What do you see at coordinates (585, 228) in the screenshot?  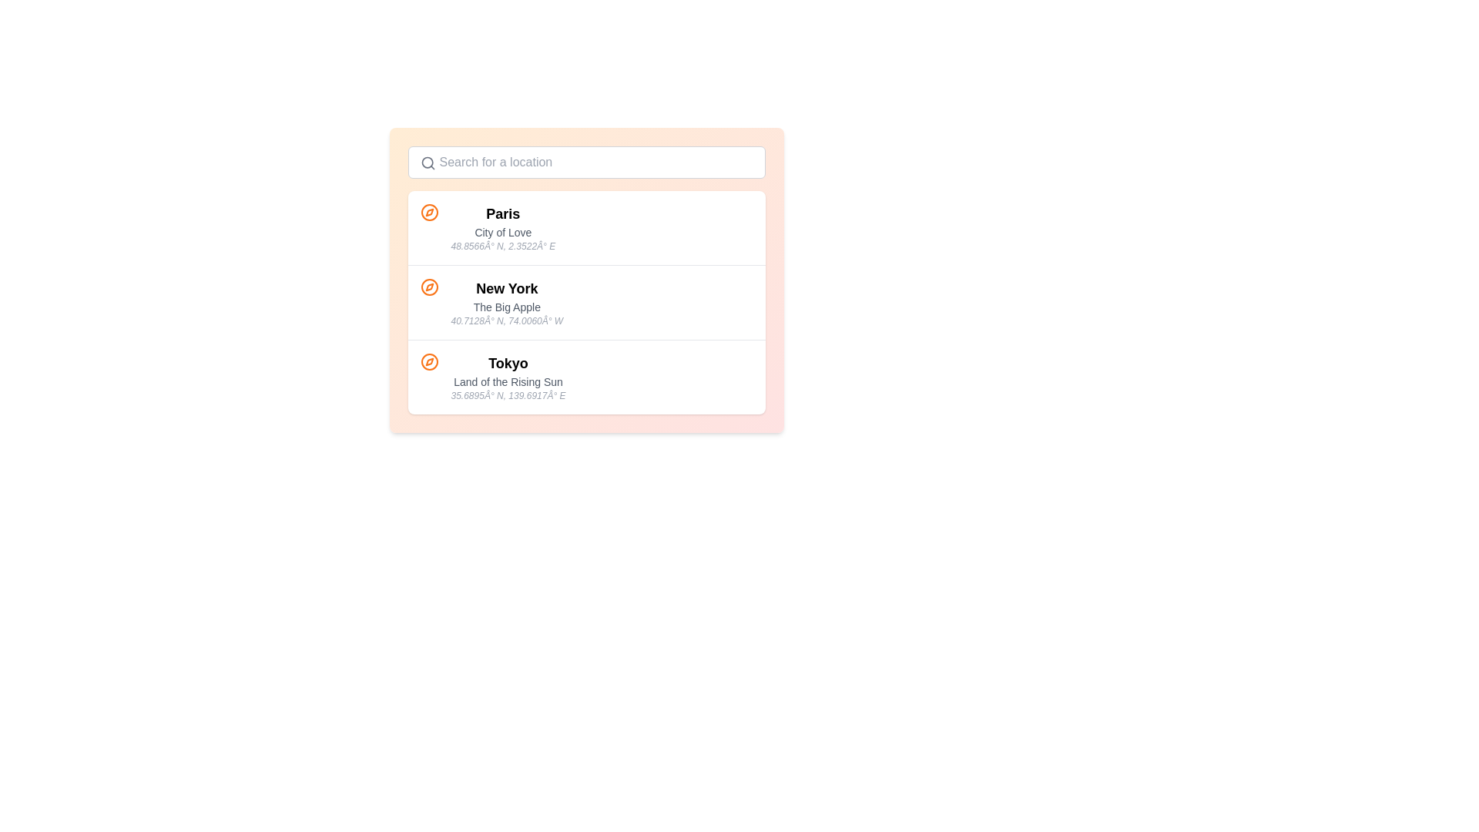 I see `the first list item displaying information about Paris` at bounding box center [585, 228].